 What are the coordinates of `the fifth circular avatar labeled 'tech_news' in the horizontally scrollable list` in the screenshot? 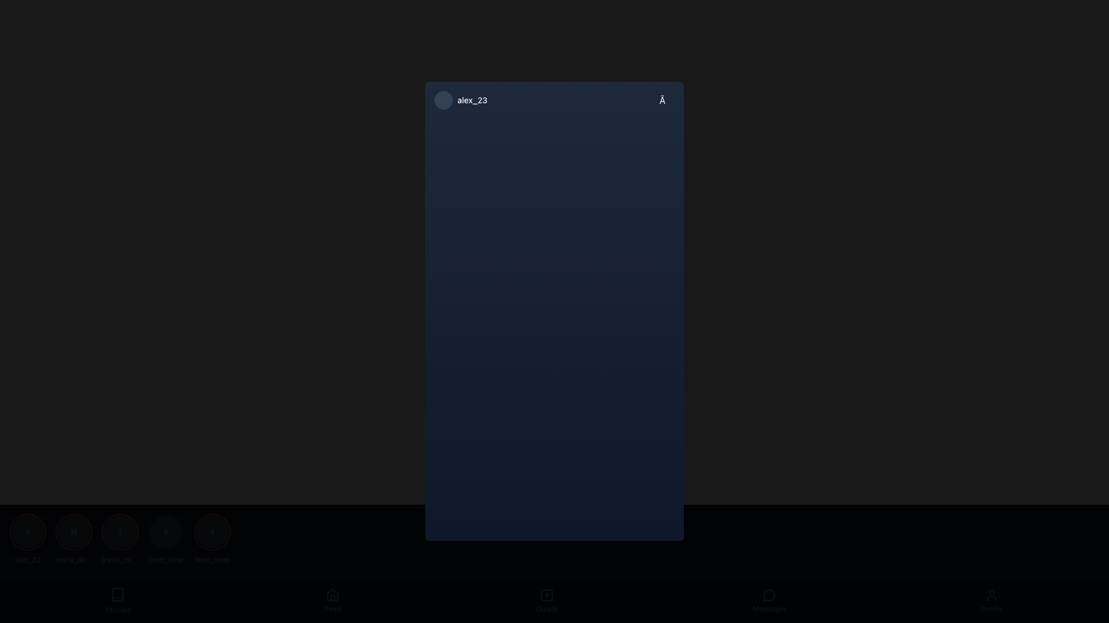 It's located at (213, 539).